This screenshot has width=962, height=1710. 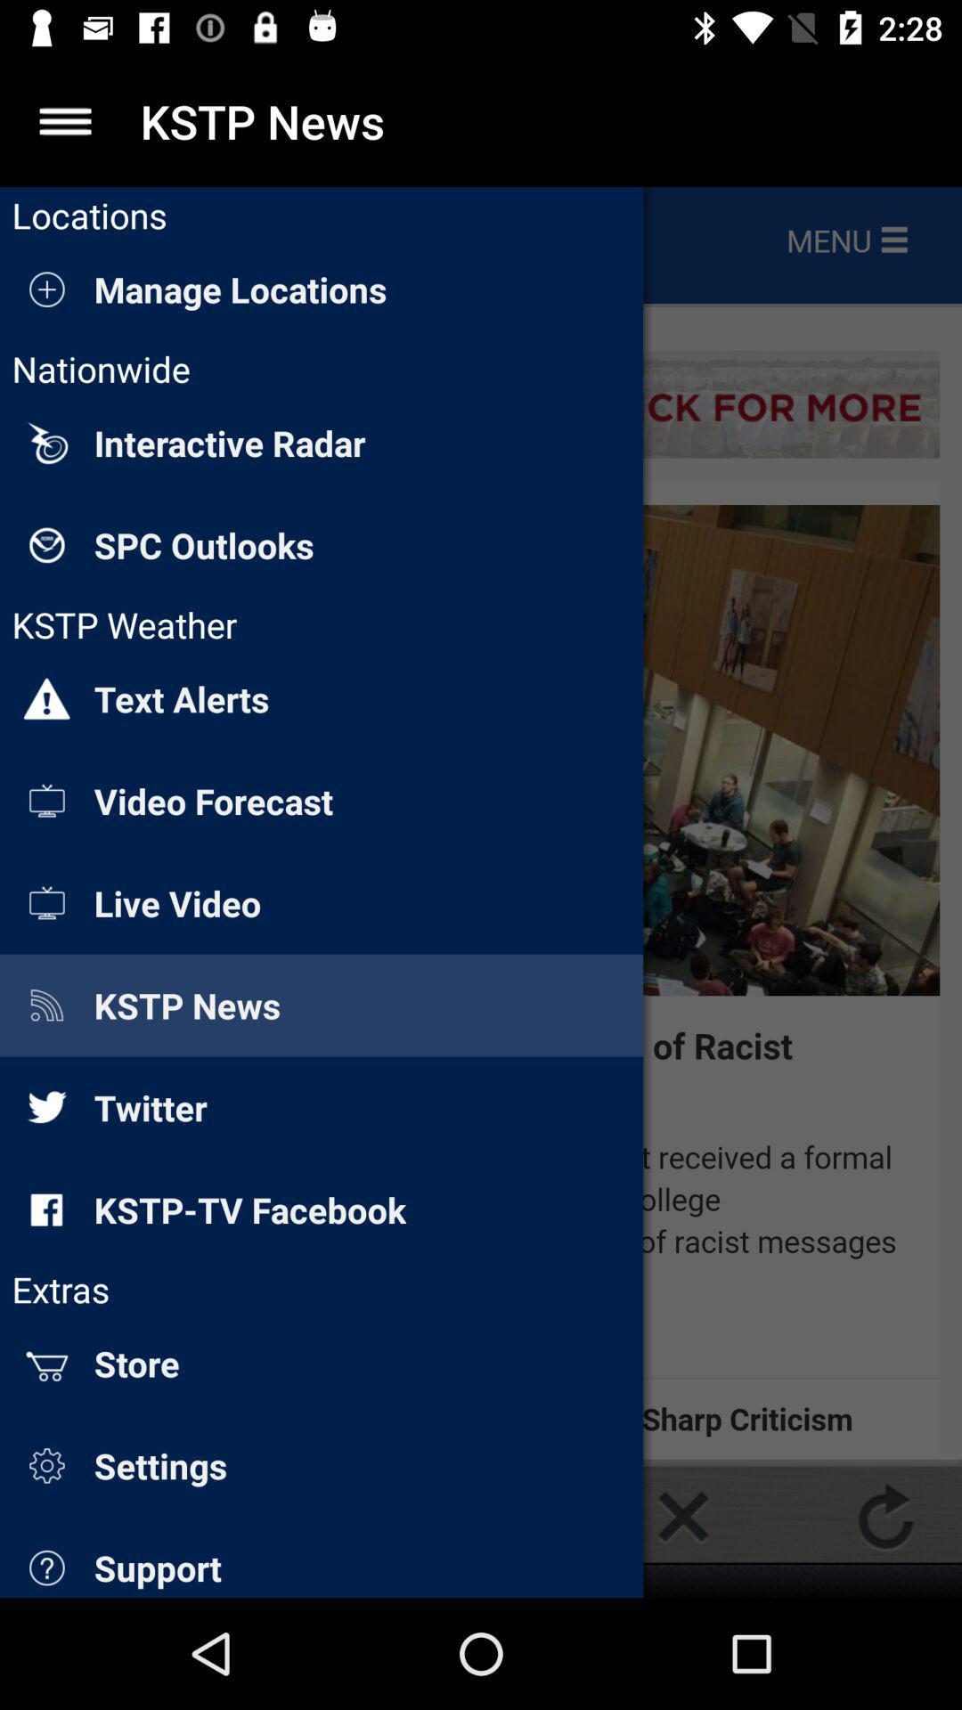 What do you see at coordinates (885, 1516) in the screenshot?
I see `the refresh icon` at bounding box center [885, 1516].